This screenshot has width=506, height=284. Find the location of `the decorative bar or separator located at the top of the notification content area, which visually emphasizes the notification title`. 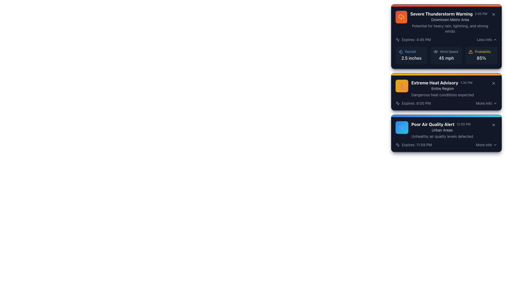

the decorative bar or separator located at the top of the notification content area, which visually emphasizes the notification title is located at coordinates (446, 74).